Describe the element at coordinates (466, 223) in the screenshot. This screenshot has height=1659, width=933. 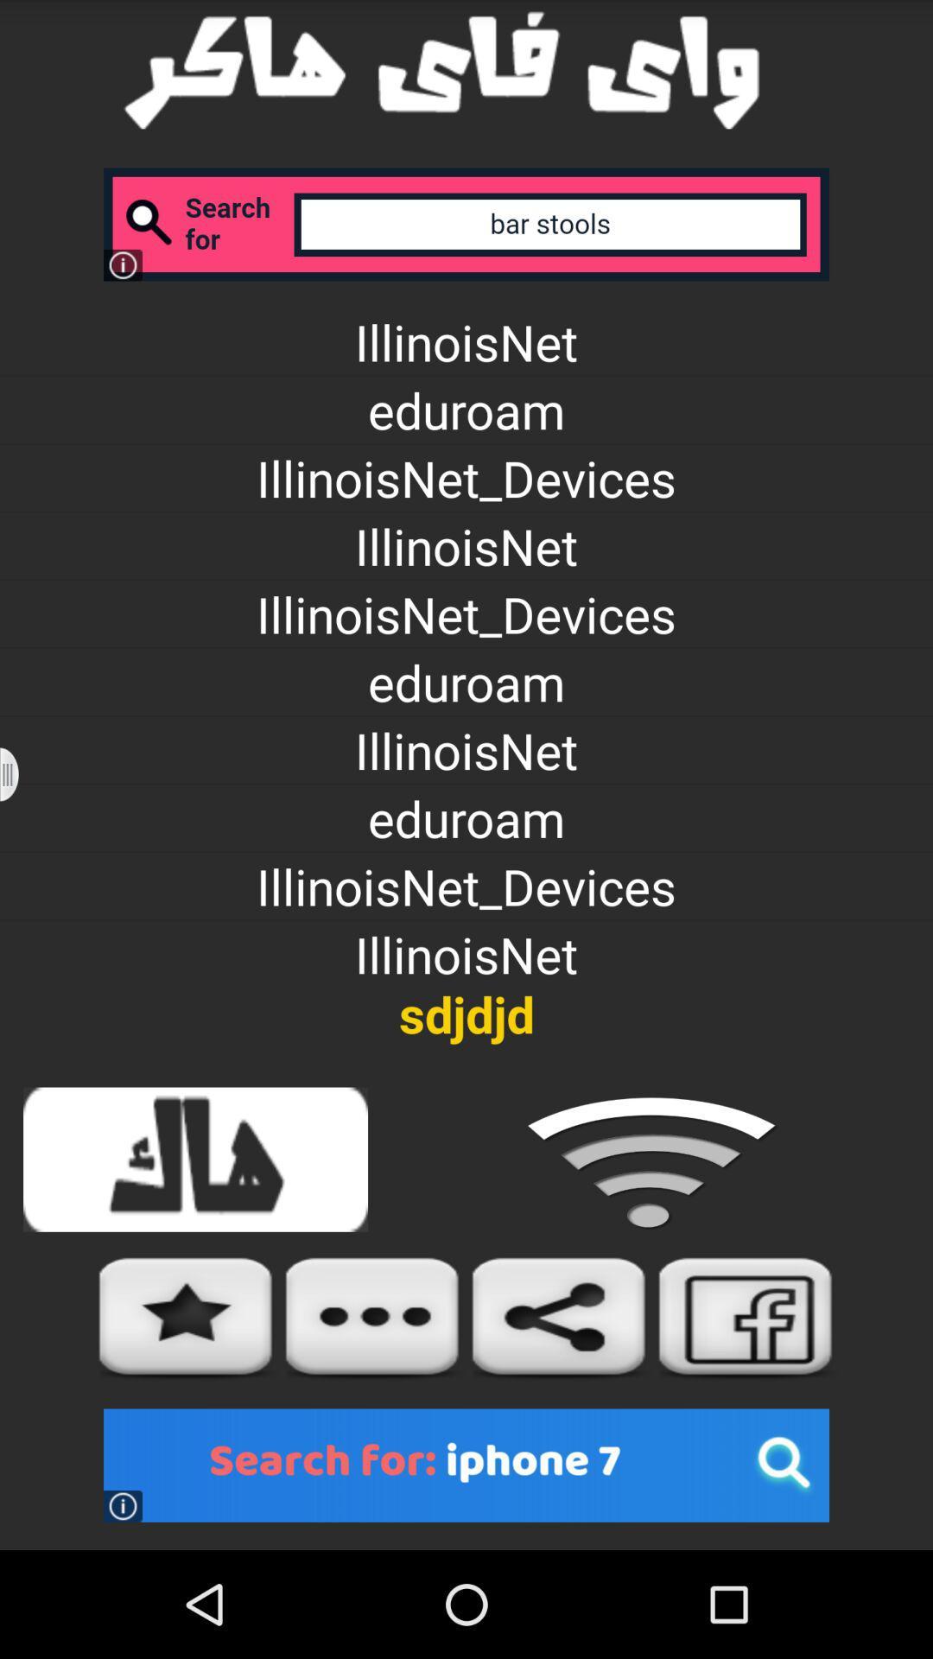
I see `search section` at that location.